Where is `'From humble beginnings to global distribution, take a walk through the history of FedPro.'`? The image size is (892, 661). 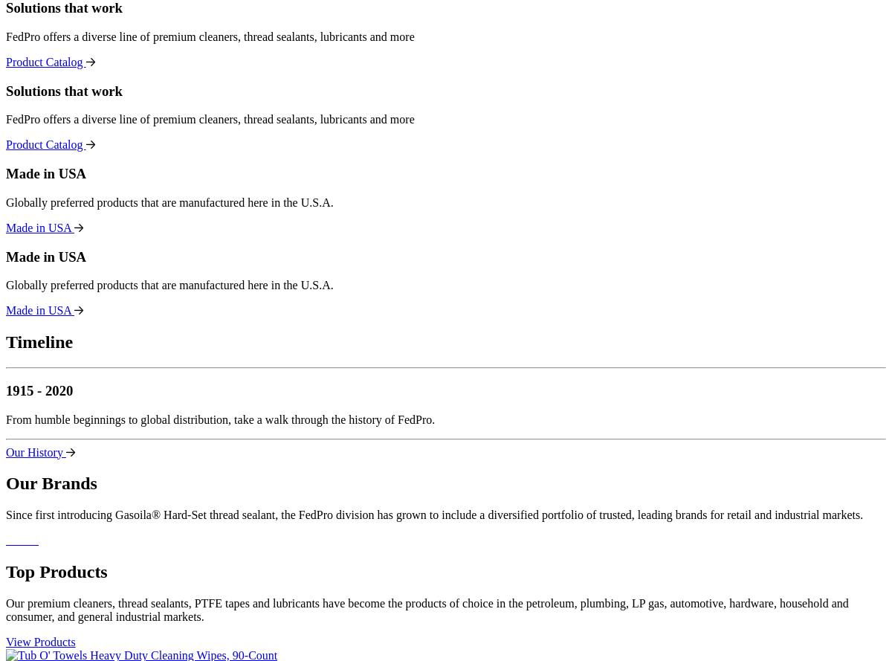
'From humble beginnings to global distribution, take a walk through the history of FedPro.' is located at coordinates (6, 419).